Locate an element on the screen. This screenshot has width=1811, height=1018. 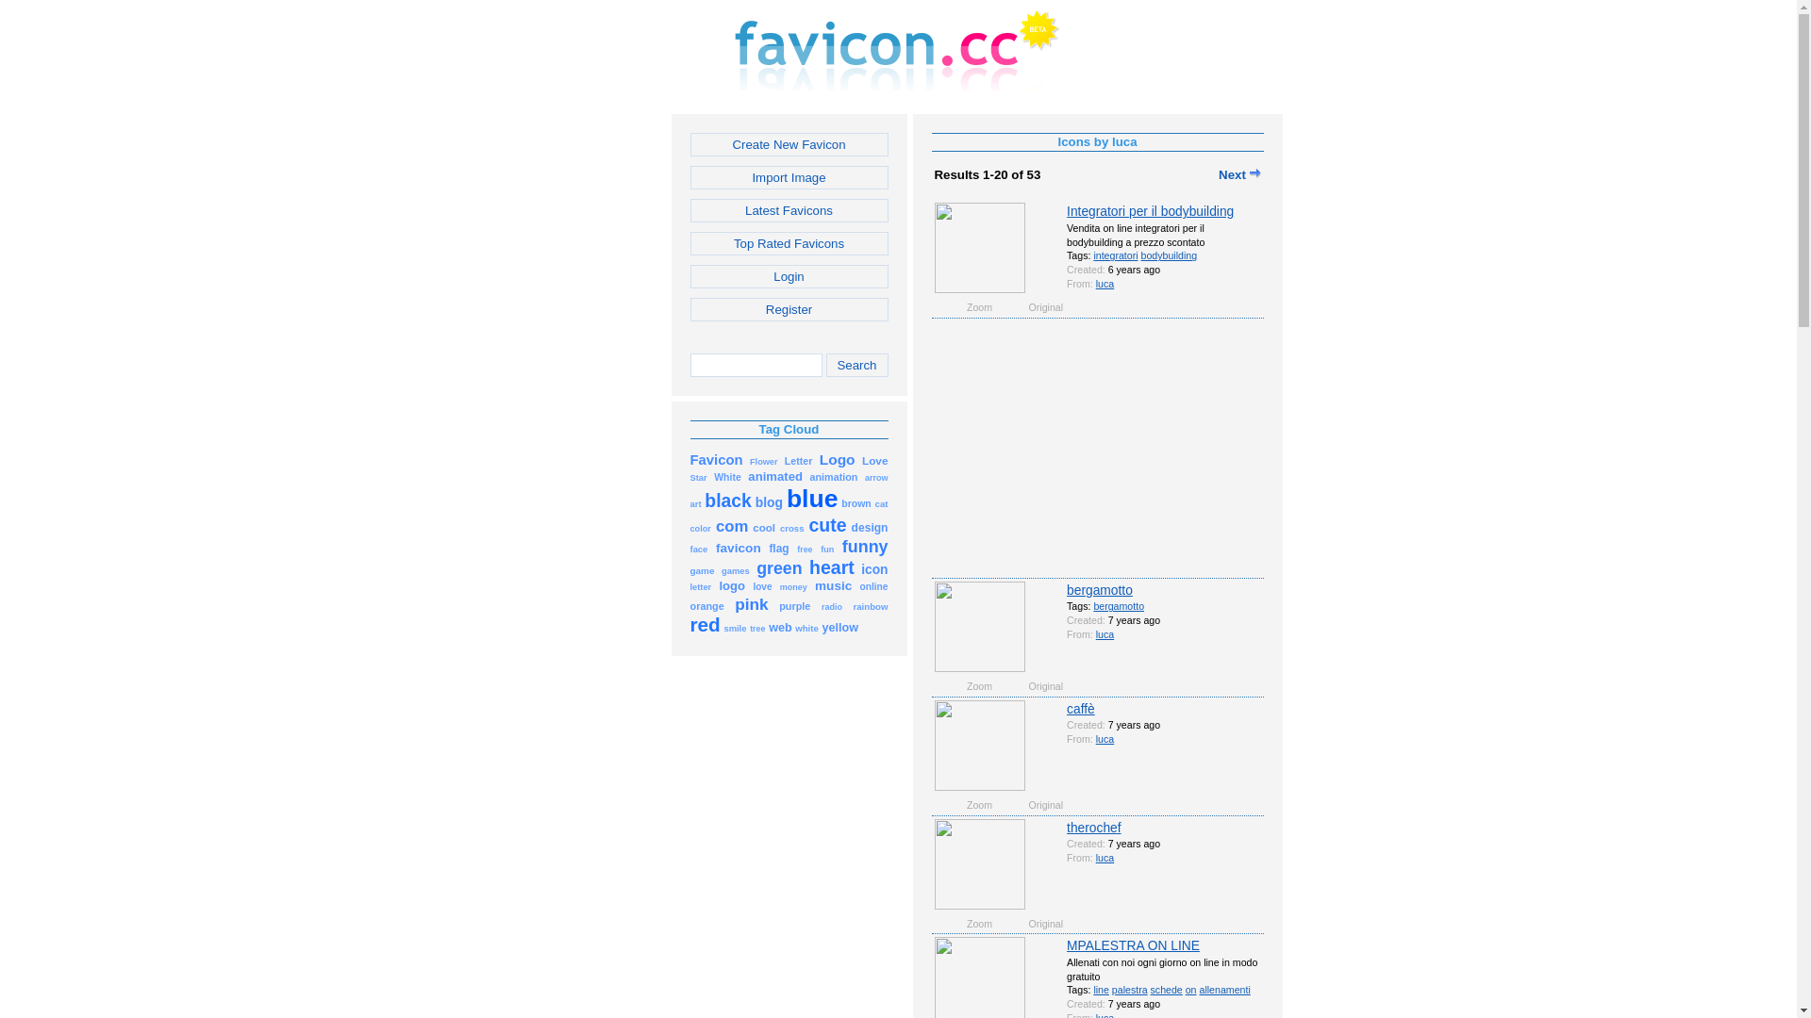
'cross' is located at coordinates (779, 527).